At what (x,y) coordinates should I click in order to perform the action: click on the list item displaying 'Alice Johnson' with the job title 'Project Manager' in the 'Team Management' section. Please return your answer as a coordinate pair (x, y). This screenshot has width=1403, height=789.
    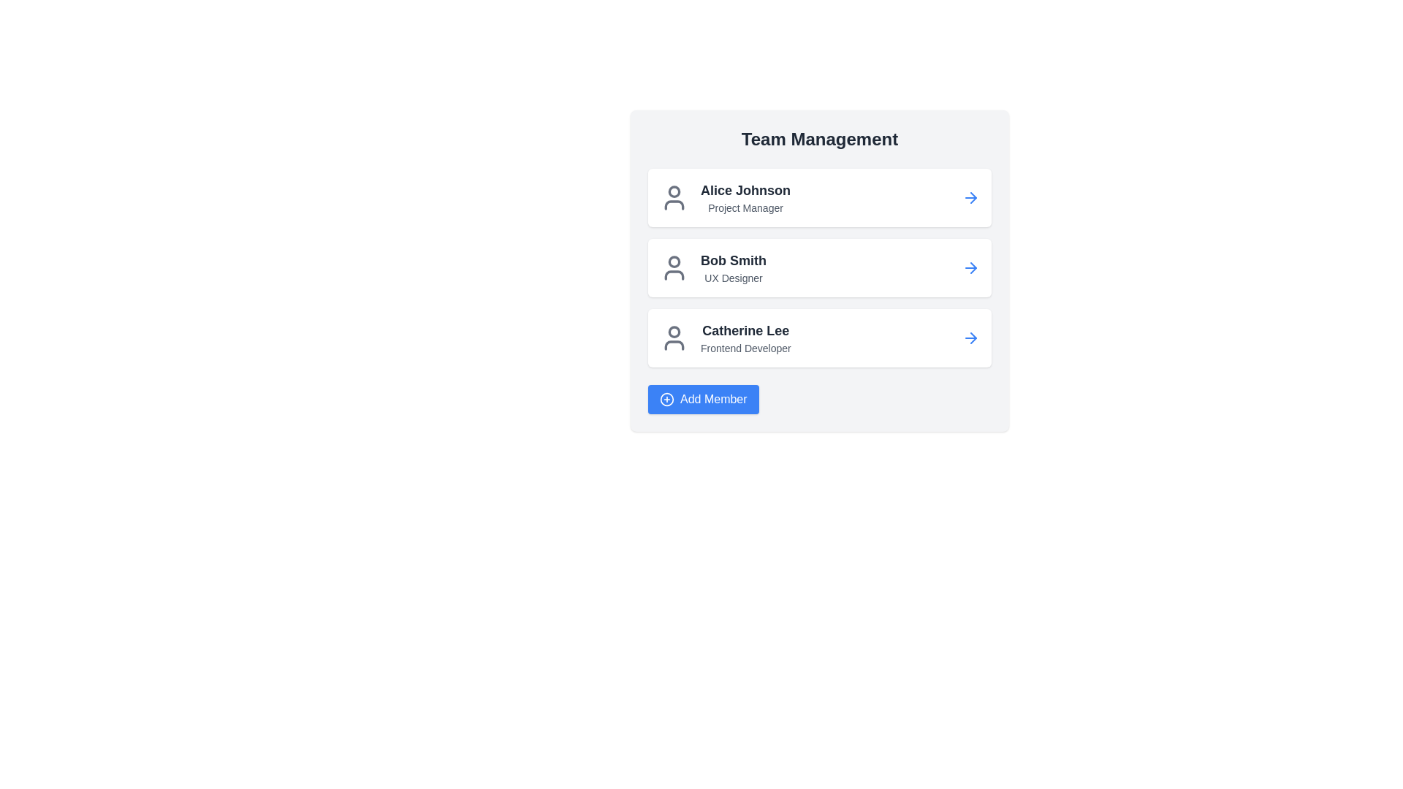
    Looking at the image, I should click on (745, 197).